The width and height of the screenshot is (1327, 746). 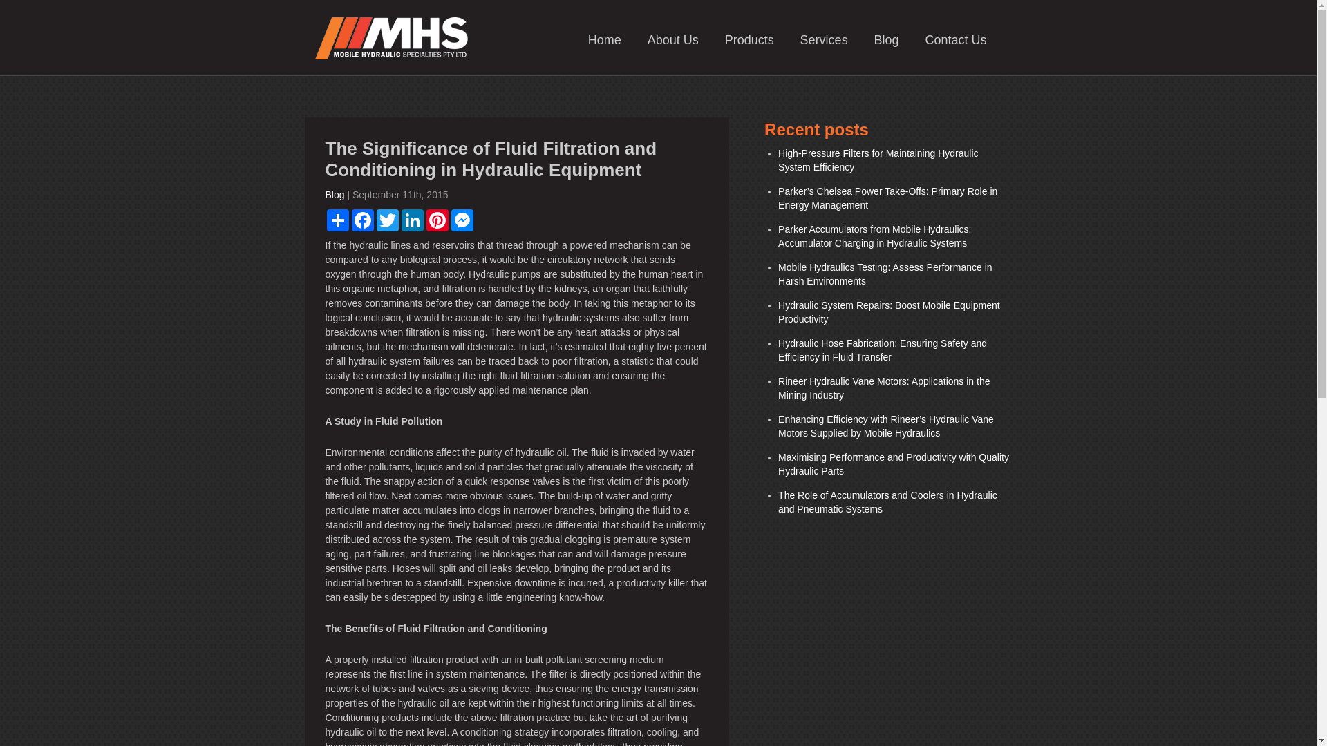 What do you see at coordinates (673, 39) in the screenshot?
I see `'About Us'` at bounding box center [673, 39].